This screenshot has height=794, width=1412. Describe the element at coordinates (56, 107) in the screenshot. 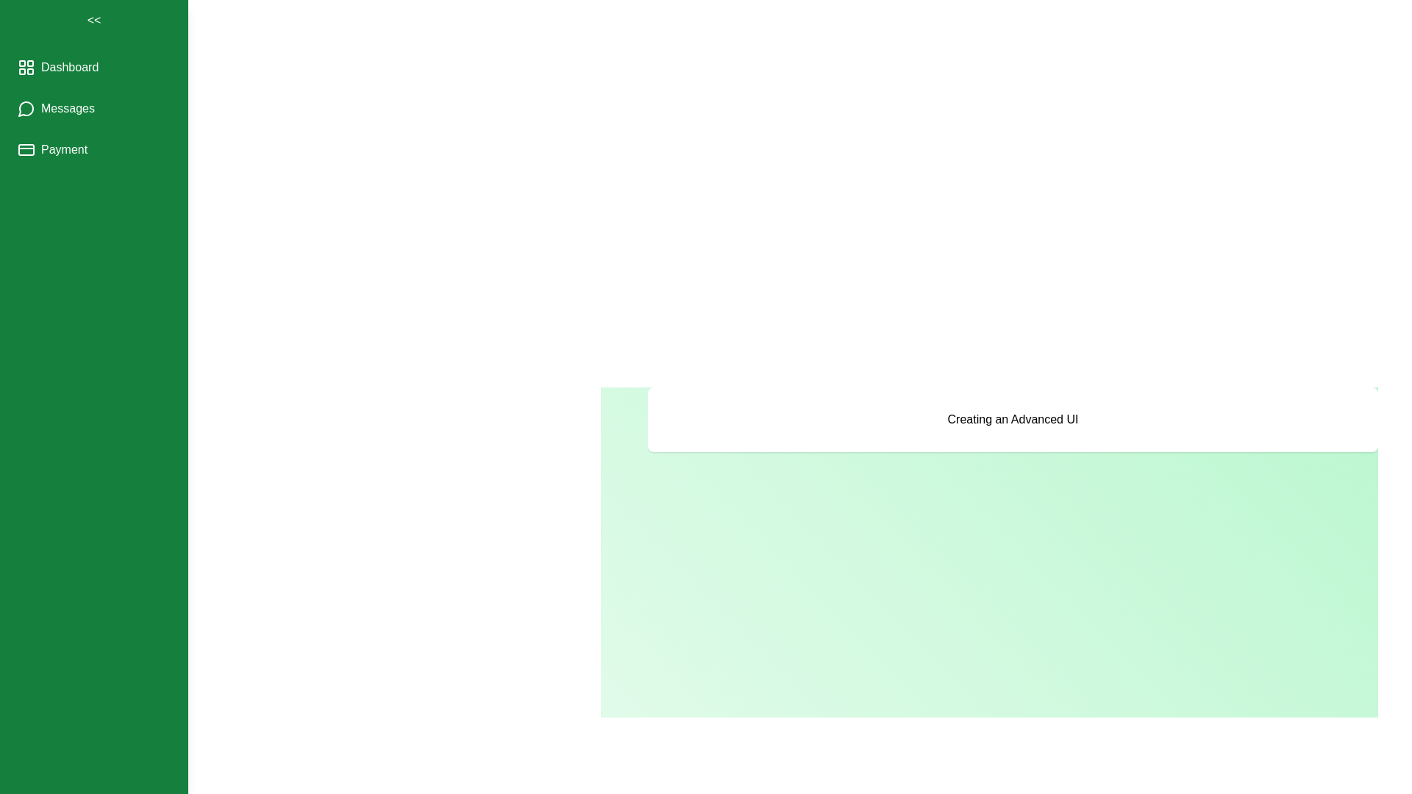

I see `the second button in the vertical navigation sidebar` at that location.